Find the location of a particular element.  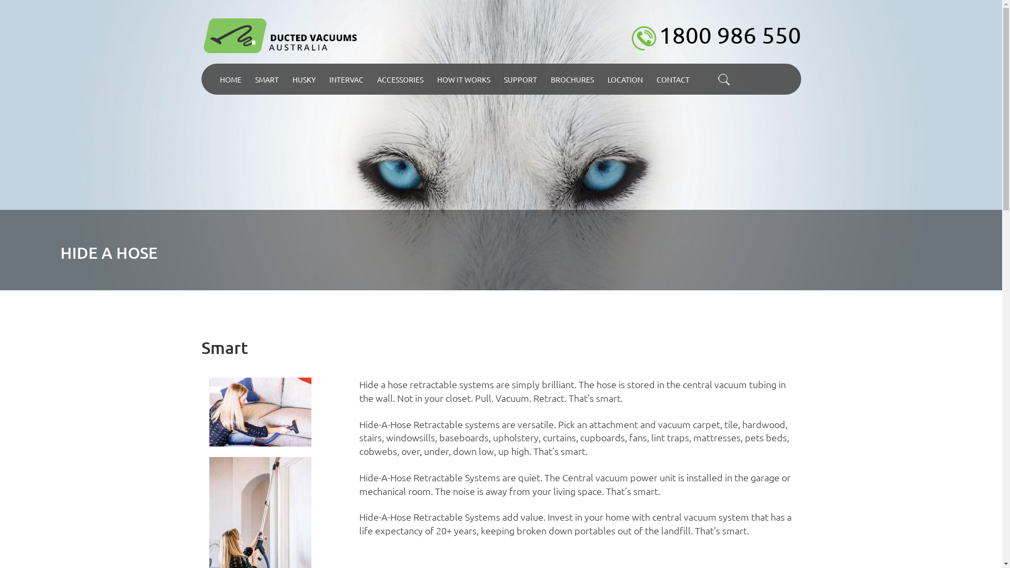

'CONTACT' is located at coordinates (672, 78).